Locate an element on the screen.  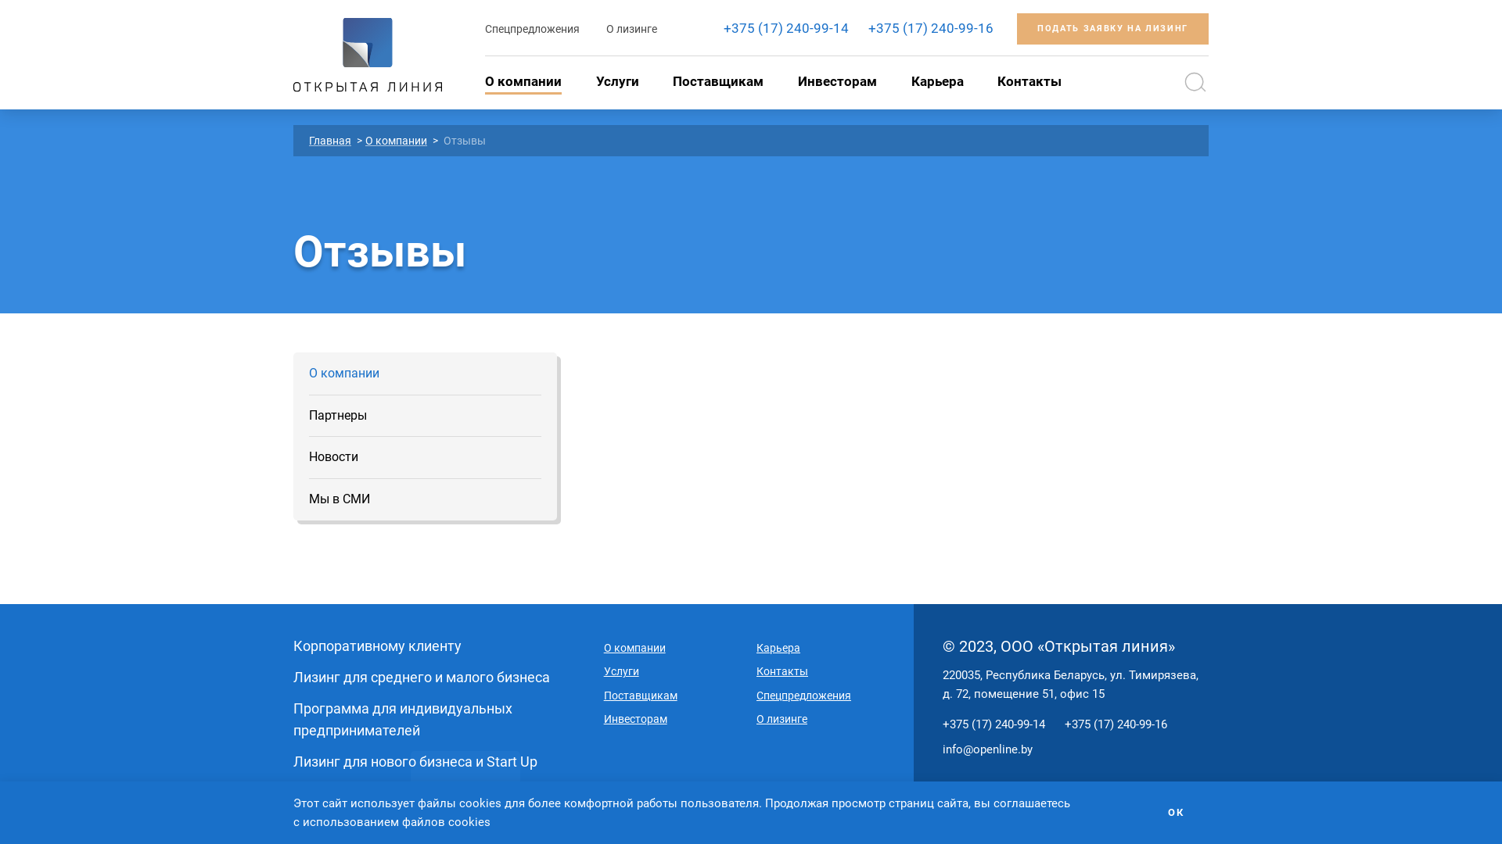
'+375 (17) 240-99-14' is located at coordinates (993, 724).